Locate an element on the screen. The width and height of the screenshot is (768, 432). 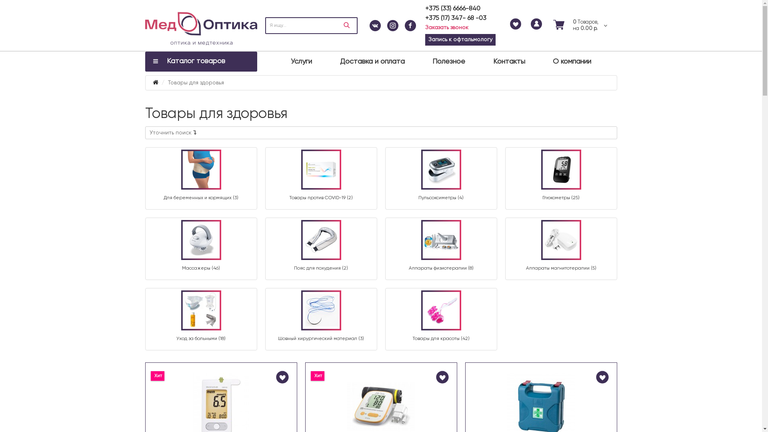
'+375 (17) 347- 68 -03' is located at coordinates (424, 18).